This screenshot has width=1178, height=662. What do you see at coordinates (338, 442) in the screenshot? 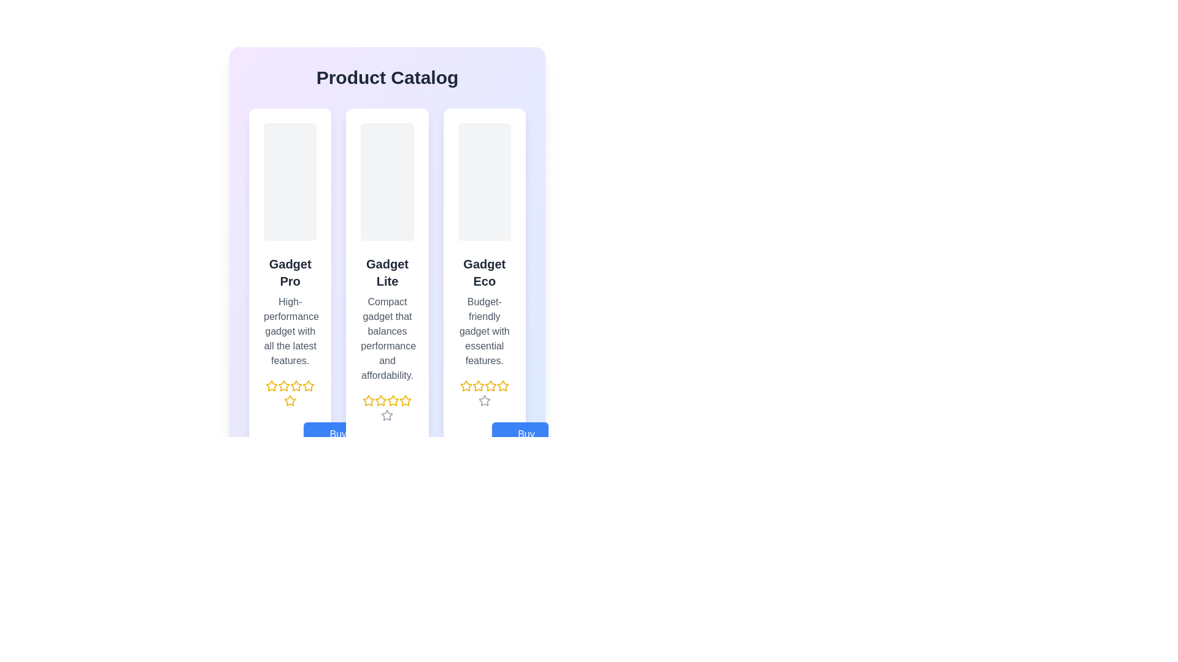
I see `the 'Buy Now' text label located in the blue button at the bottom of the product list` at bounding box center [338, 442].